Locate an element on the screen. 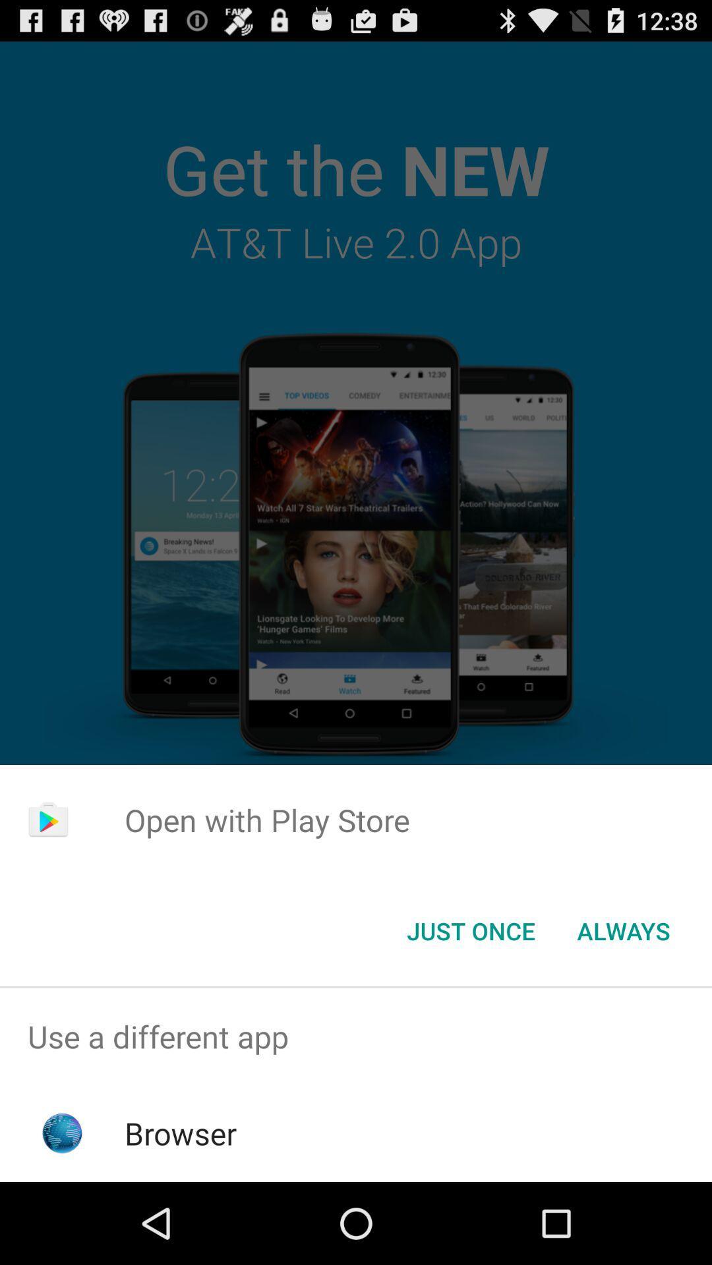 This screenshot has height=1265, width=712. the always is located at coordinates (623, 930).